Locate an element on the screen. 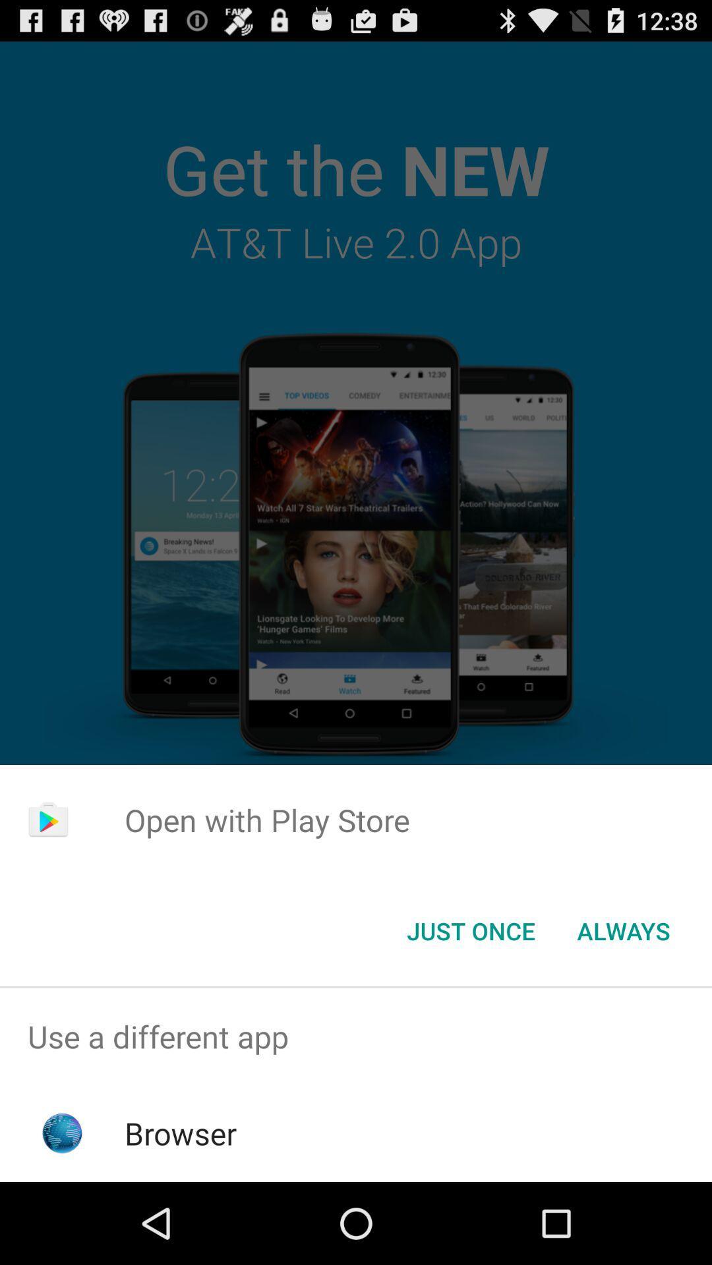 This screenshot has height=1265, width=712. the always is located at coordinates (623, 930).